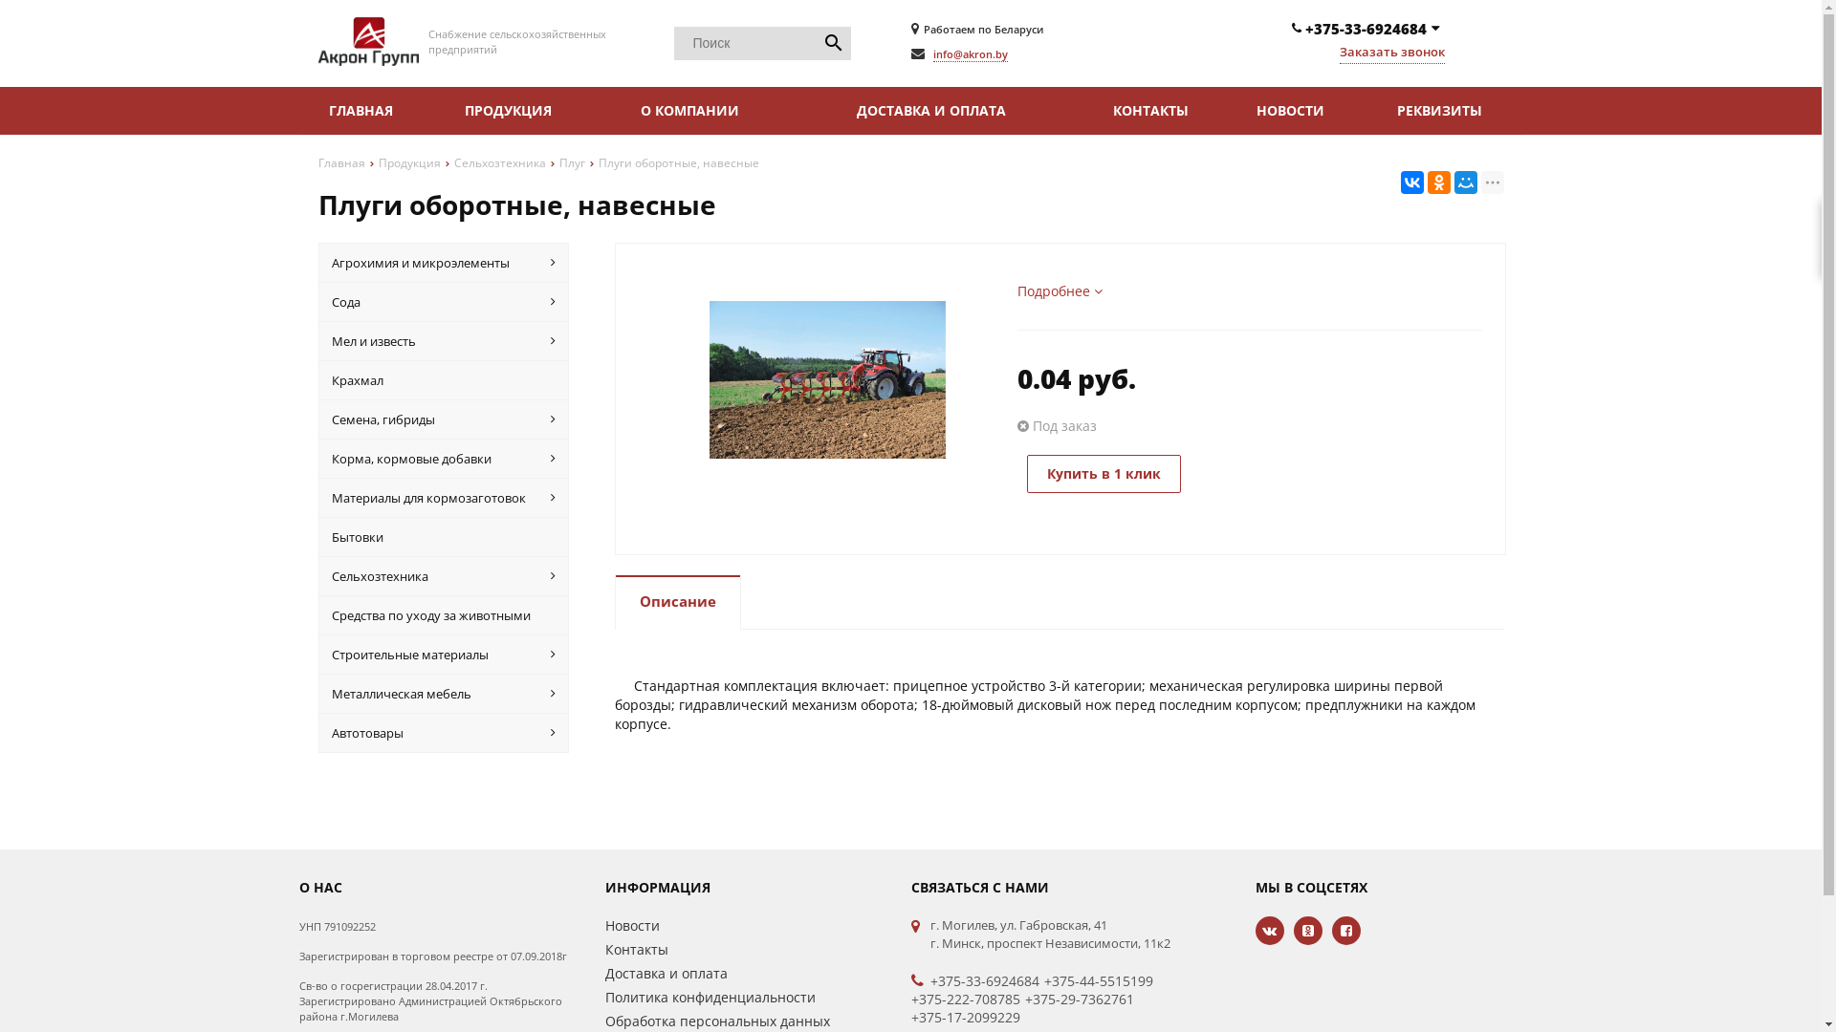  Describe the element at coordinates (970, 54) in the screenshot. I see `'info@akron.by'` at that location.